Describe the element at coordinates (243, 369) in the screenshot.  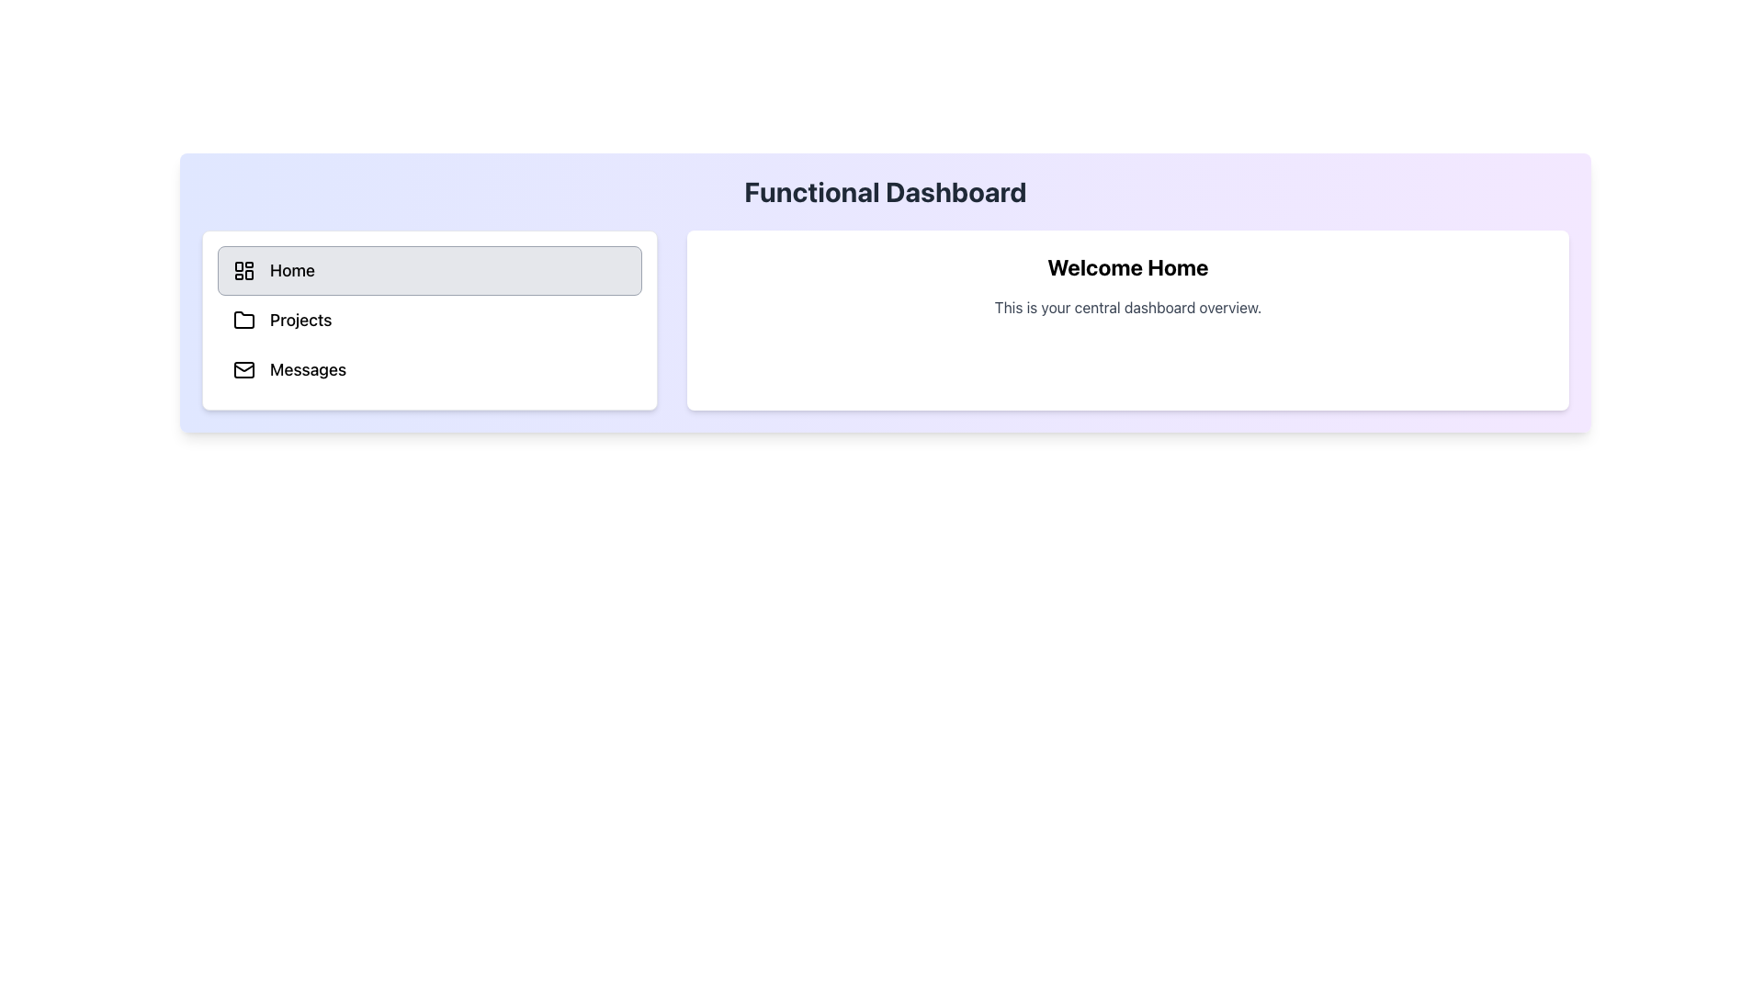
I see `the visual indicator icon for the 'Messages' section located to the left of the 'Messages' button, if the button is interactive` at that location.